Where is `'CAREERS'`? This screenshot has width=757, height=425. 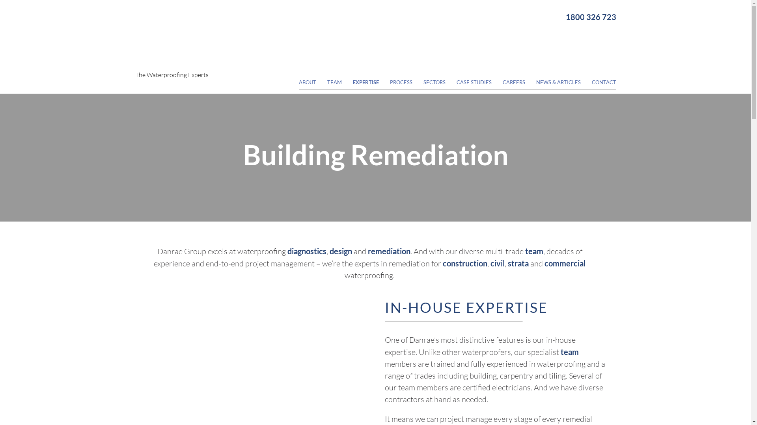 'CAREERS' is located at coordinates (518, 82).